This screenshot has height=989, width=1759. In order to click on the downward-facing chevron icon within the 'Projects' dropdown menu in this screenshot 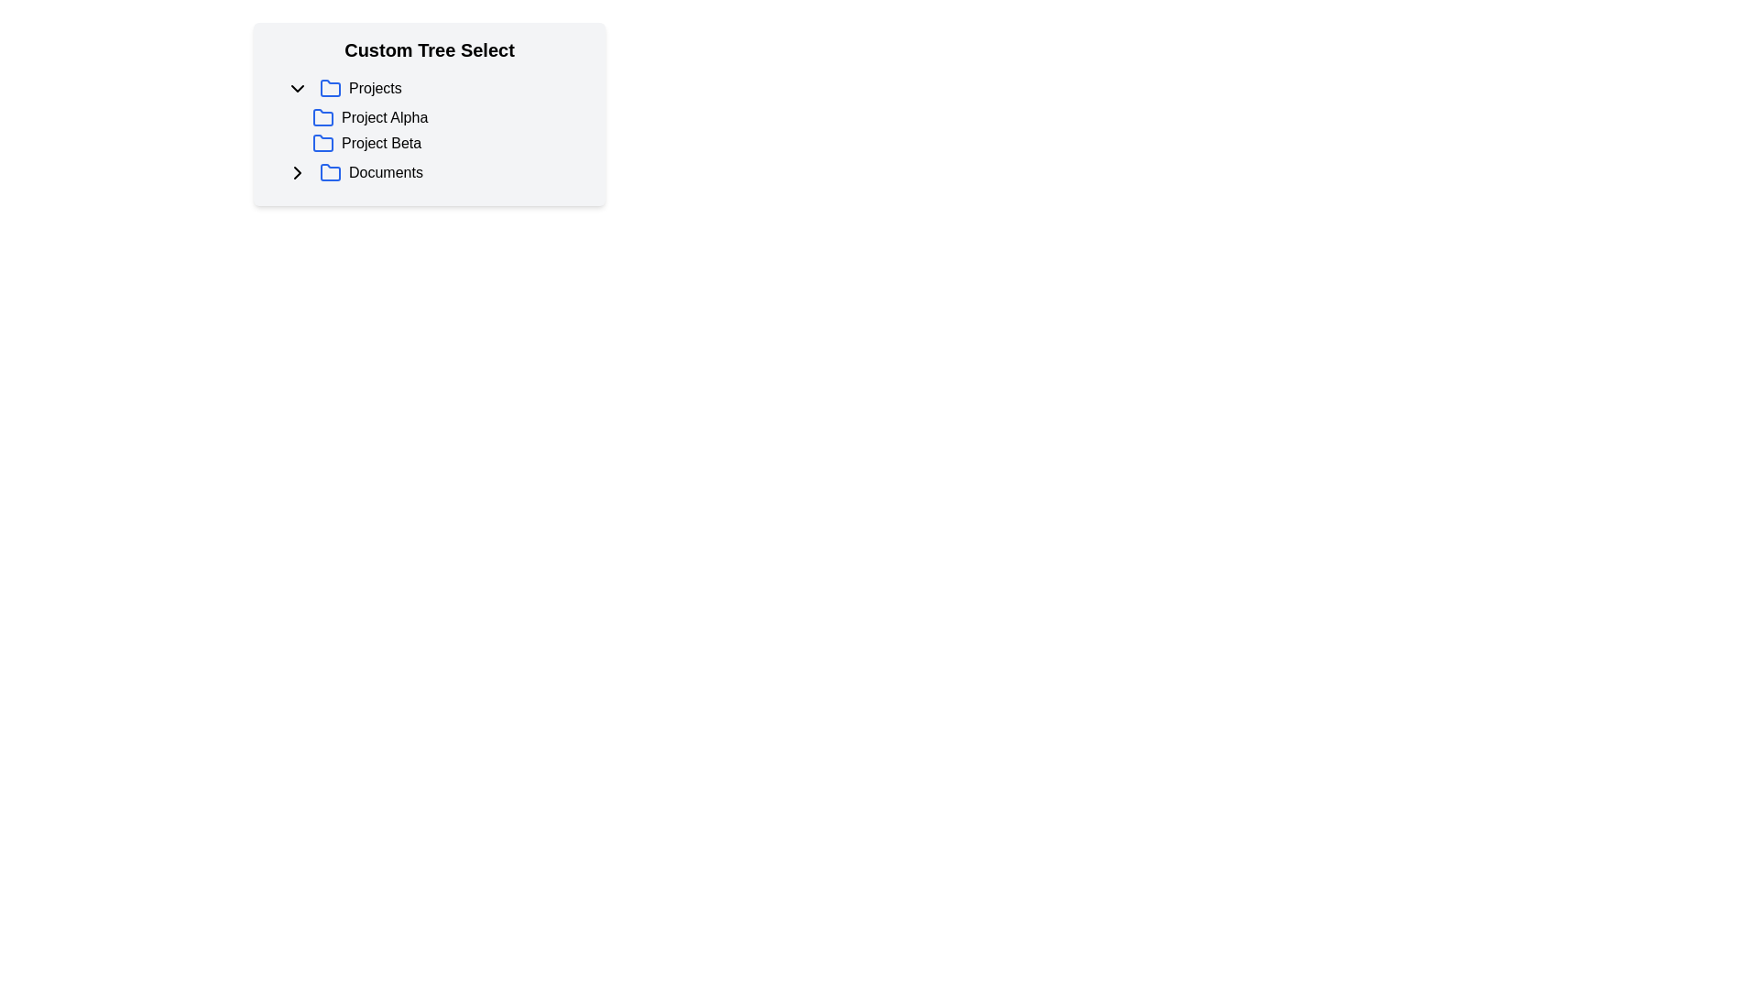, I will do `click(298, 88)`.